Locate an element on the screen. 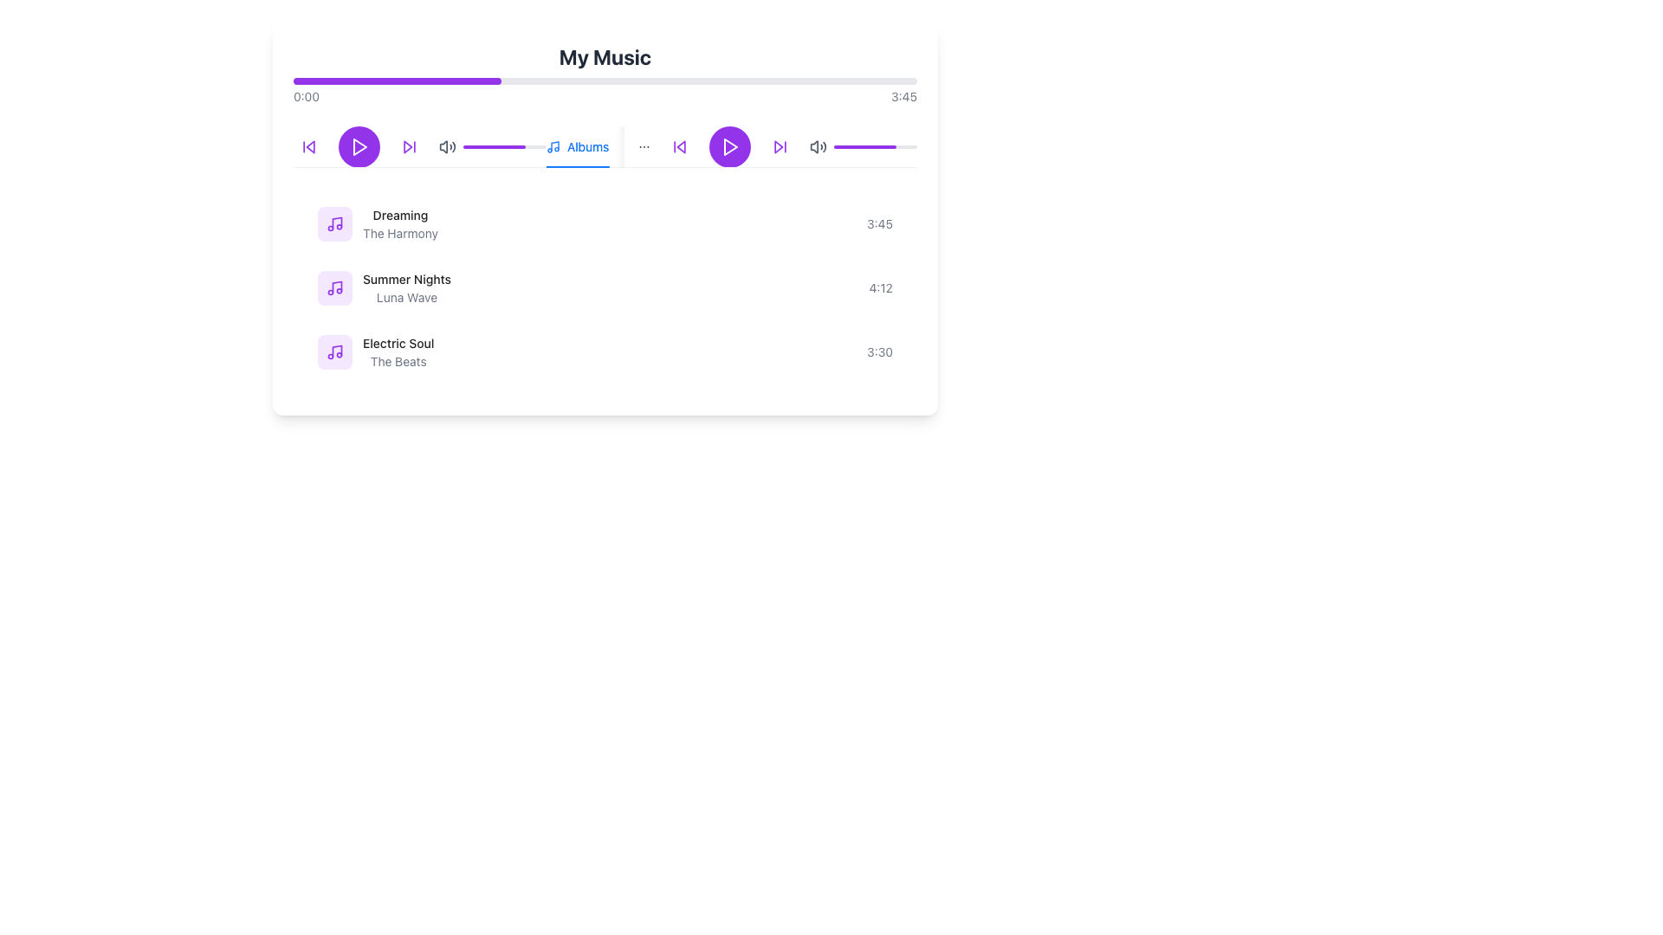 The image size is (1663, 935). playback position is located at coordinates (482, 145).